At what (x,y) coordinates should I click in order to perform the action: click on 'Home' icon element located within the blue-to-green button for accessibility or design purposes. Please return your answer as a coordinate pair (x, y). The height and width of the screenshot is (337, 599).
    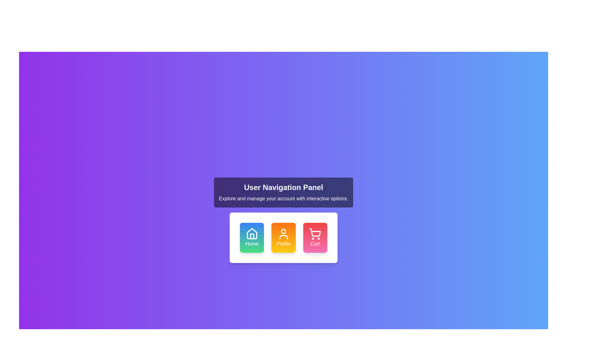
    Looking at the image, I should click on (252, 236).